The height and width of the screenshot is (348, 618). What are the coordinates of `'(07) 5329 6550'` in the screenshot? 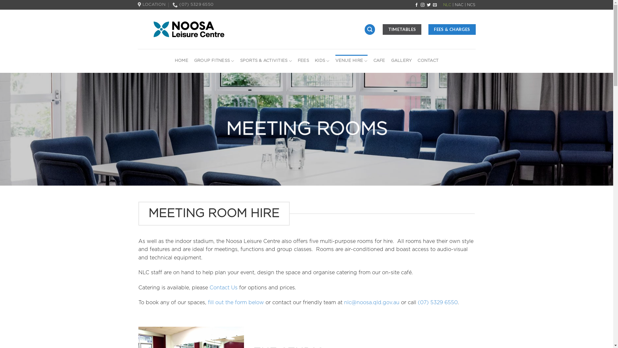 It's located at (437, 302).